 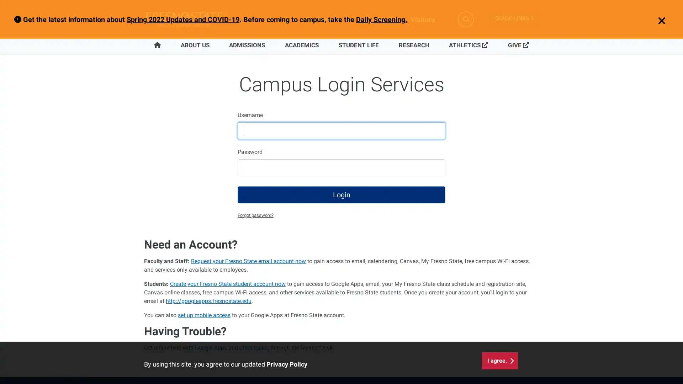 What do you see at coordinates (657, 21) in the screenshot?
I see `Close` at bounding box center [657, 21].